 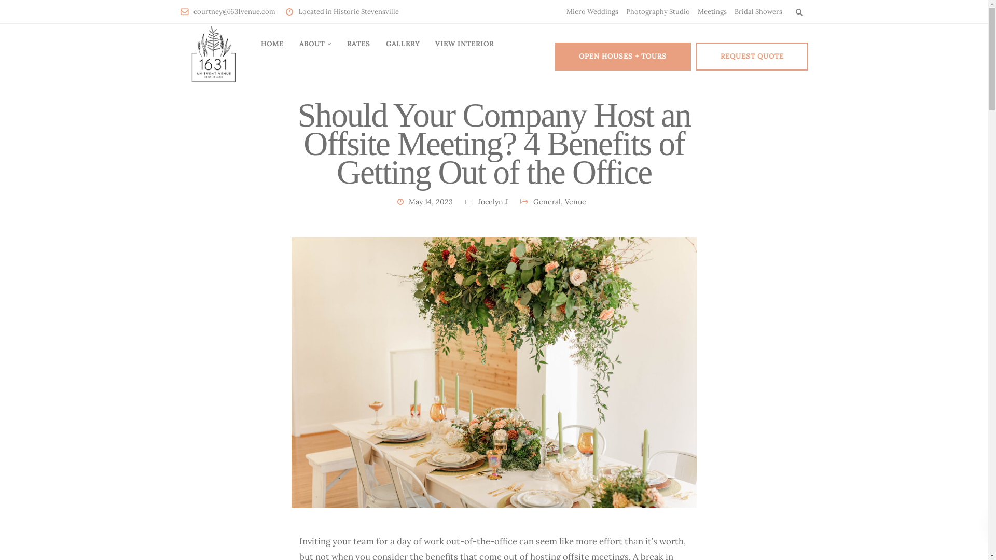 What do you see at coordinates (752, 56) in the screenshot?
I see `'REQUEST QUOTE'` at bounding box center [752, 56].